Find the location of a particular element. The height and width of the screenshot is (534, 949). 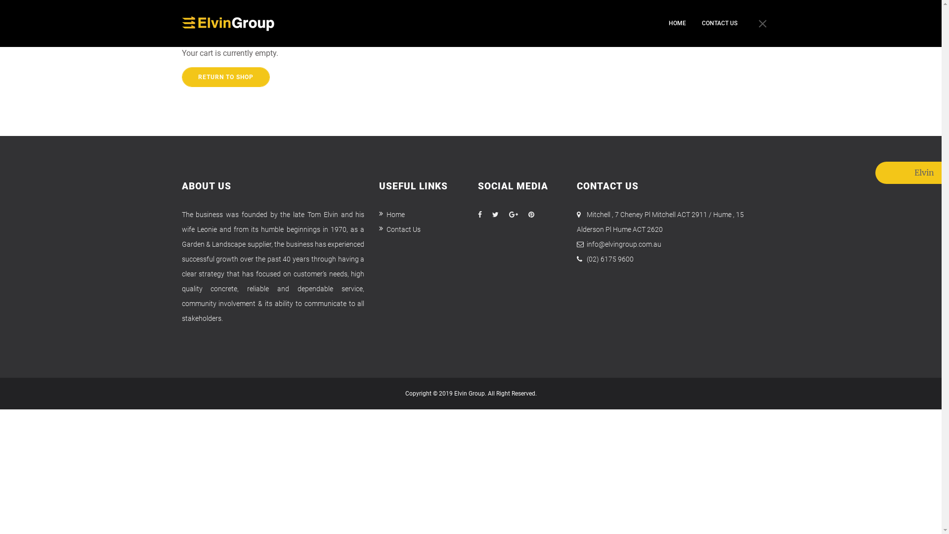

'Elvin' is located at coordinates (887, 172).